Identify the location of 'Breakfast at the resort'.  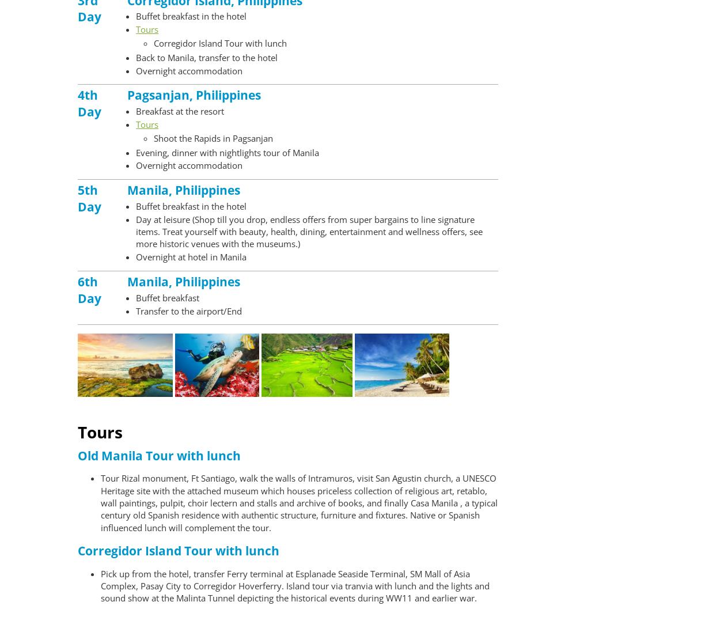
(135, 110).